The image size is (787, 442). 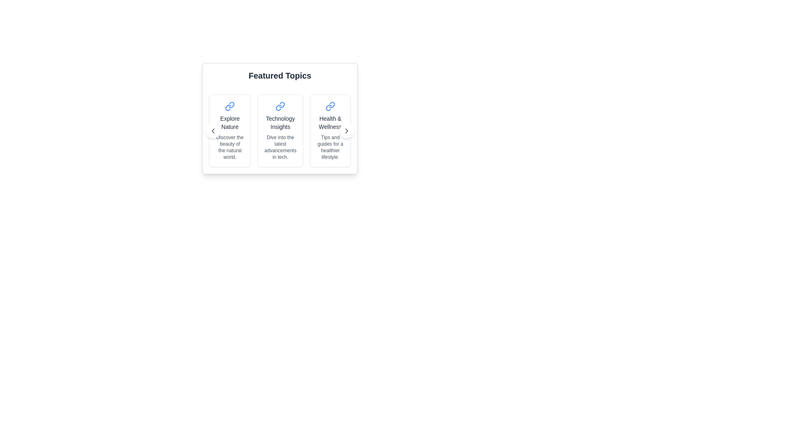 I want to click on the bottom portion of the link icon styled with a blue stroke located in the 'Health & Wellness' card, which is the third card from the left in the 'Featured Topics' section, so click(x=329, y=107).